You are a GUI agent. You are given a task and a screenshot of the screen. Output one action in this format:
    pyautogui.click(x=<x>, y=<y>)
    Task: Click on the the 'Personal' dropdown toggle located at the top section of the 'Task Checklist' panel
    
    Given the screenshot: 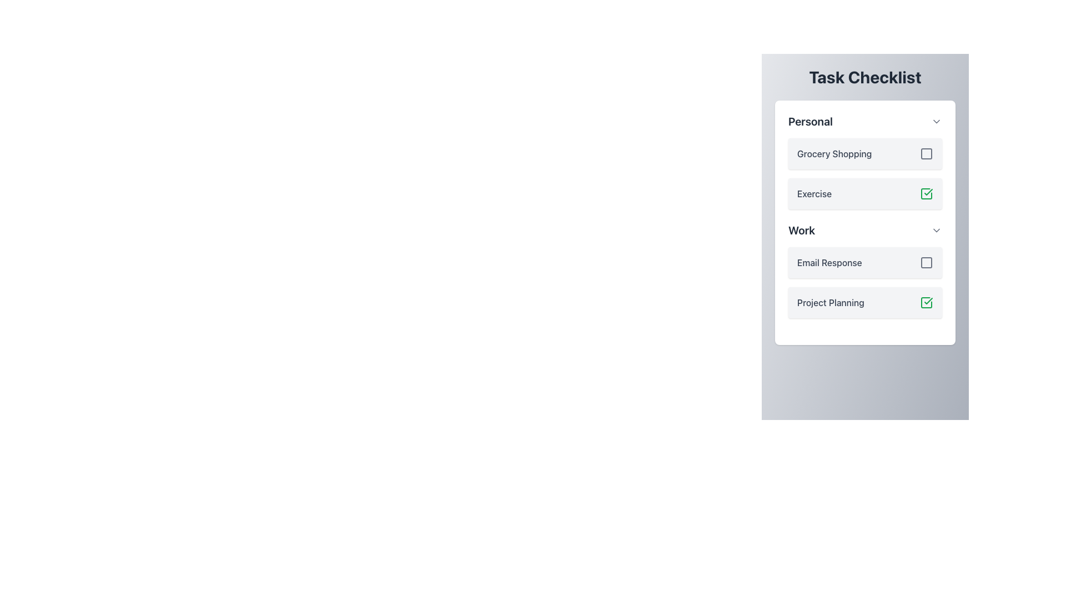 What is the action you would take?
    pyautogui.click(x=864, y=122)
    